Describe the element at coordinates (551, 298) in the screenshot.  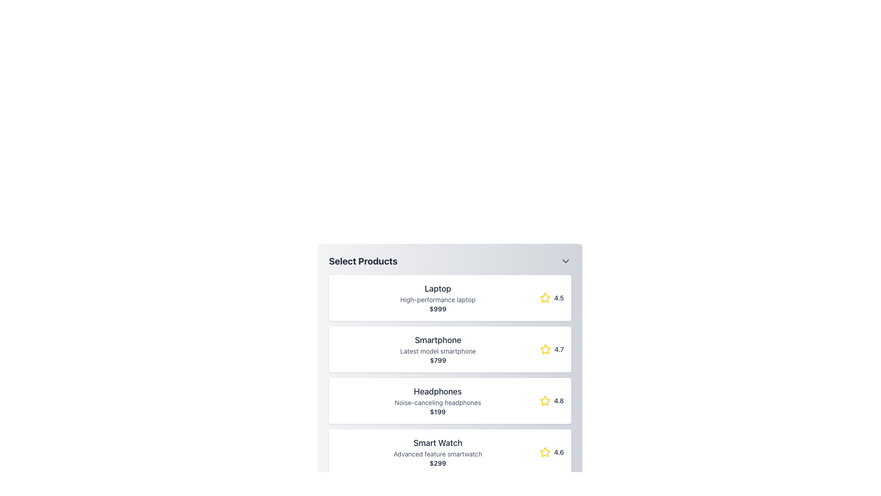
I see `the rating displayed by the star icon with the text '4.5' located at the end of the first product row labeled 'Laptop'` at that location.